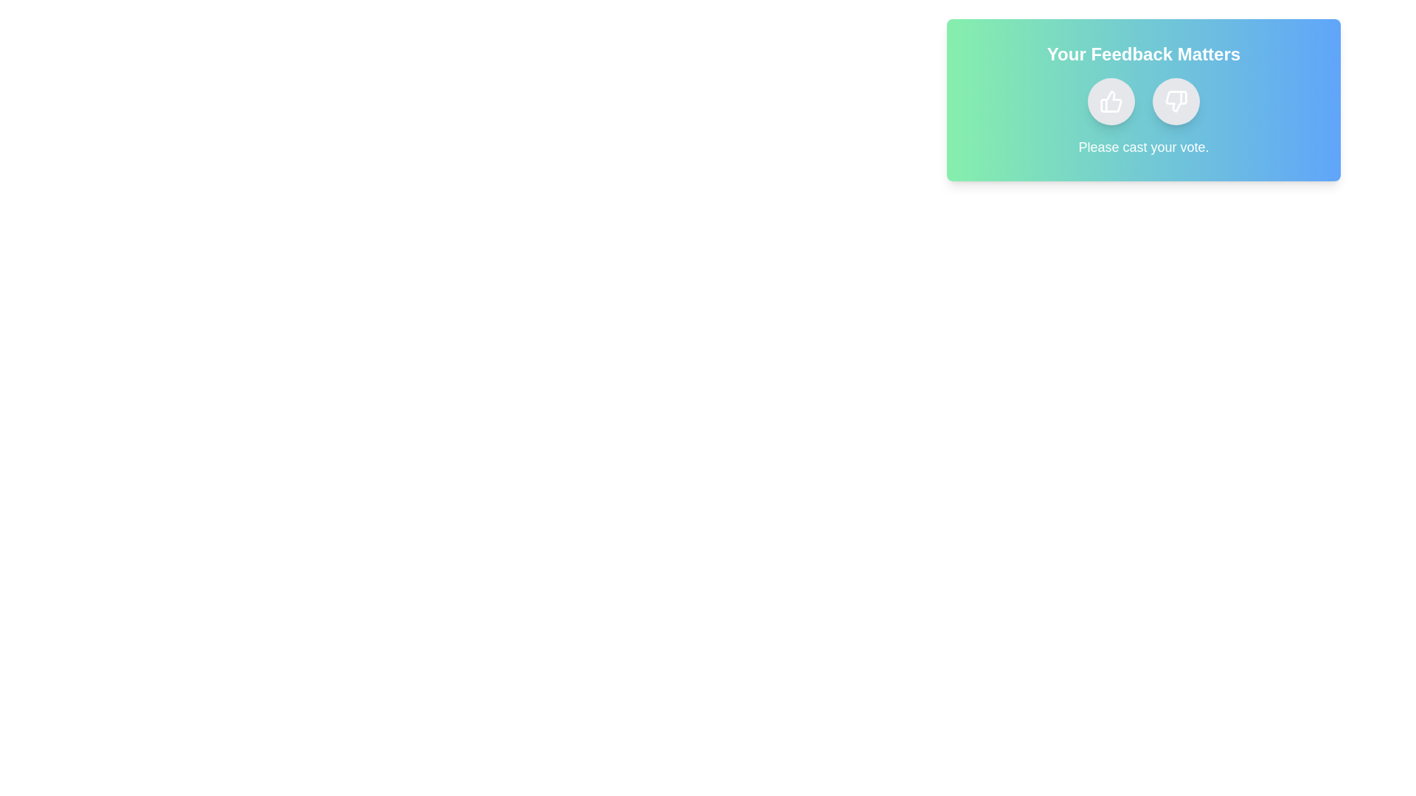 Image resolution: width=1416 pixels, height=796 pixels. I want to click on the dislike button to observe the hover effect, so click(1175, 101).